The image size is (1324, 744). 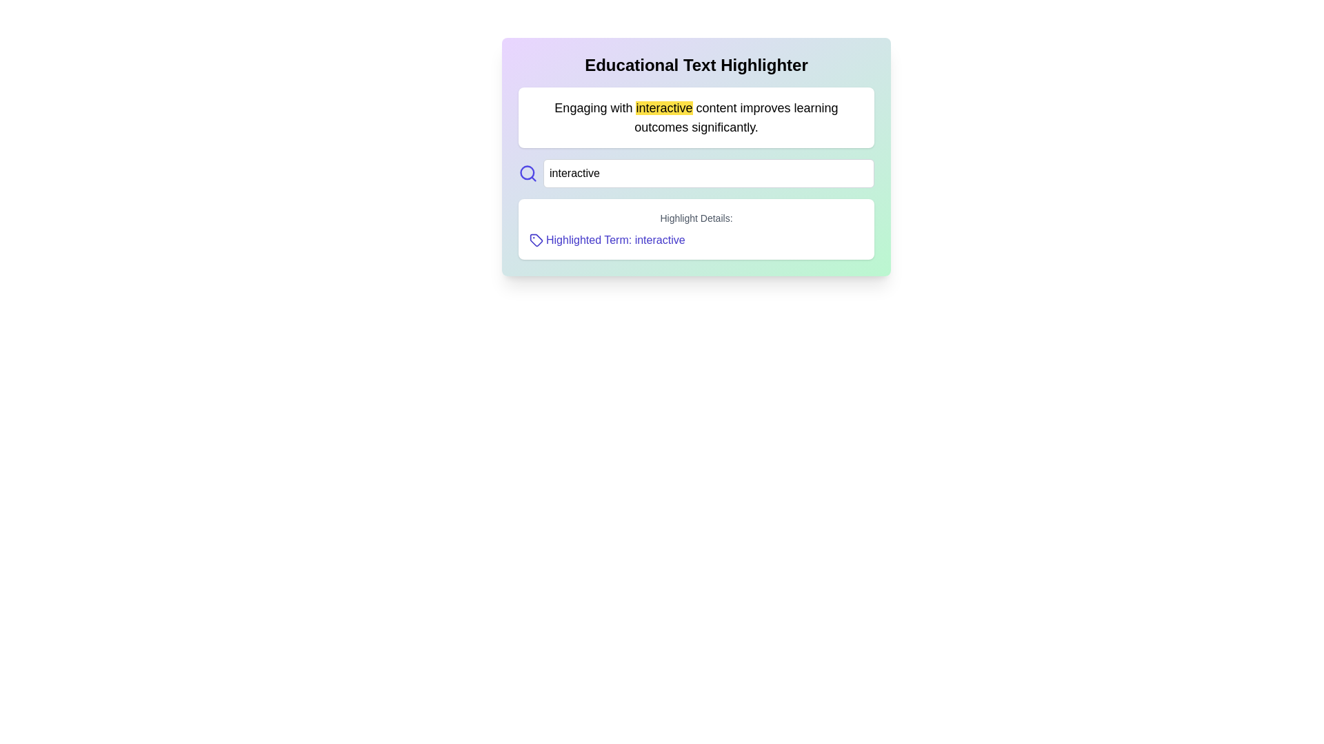 What do you see at coordinates (526, 172) in the screenshot?
I see `the circular graphic component that represents the magnifying glass within the search icon layout, located to the left of the 'interactive' input box` at bounding box center [526, 172].